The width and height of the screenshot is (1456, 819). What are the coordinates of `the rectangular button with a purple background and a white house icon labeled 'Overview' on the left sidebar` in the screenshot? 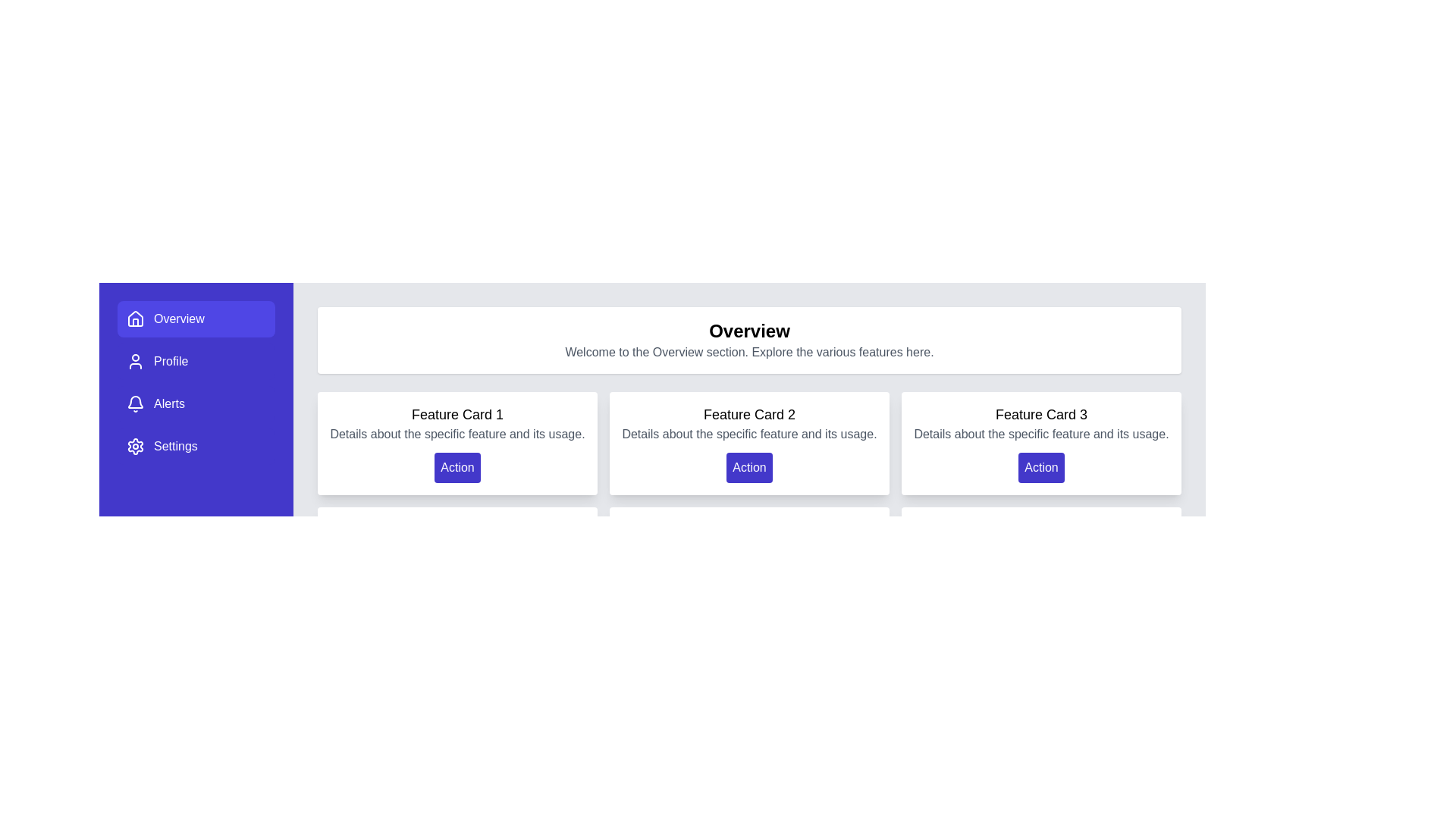 It's located at (196, 318).